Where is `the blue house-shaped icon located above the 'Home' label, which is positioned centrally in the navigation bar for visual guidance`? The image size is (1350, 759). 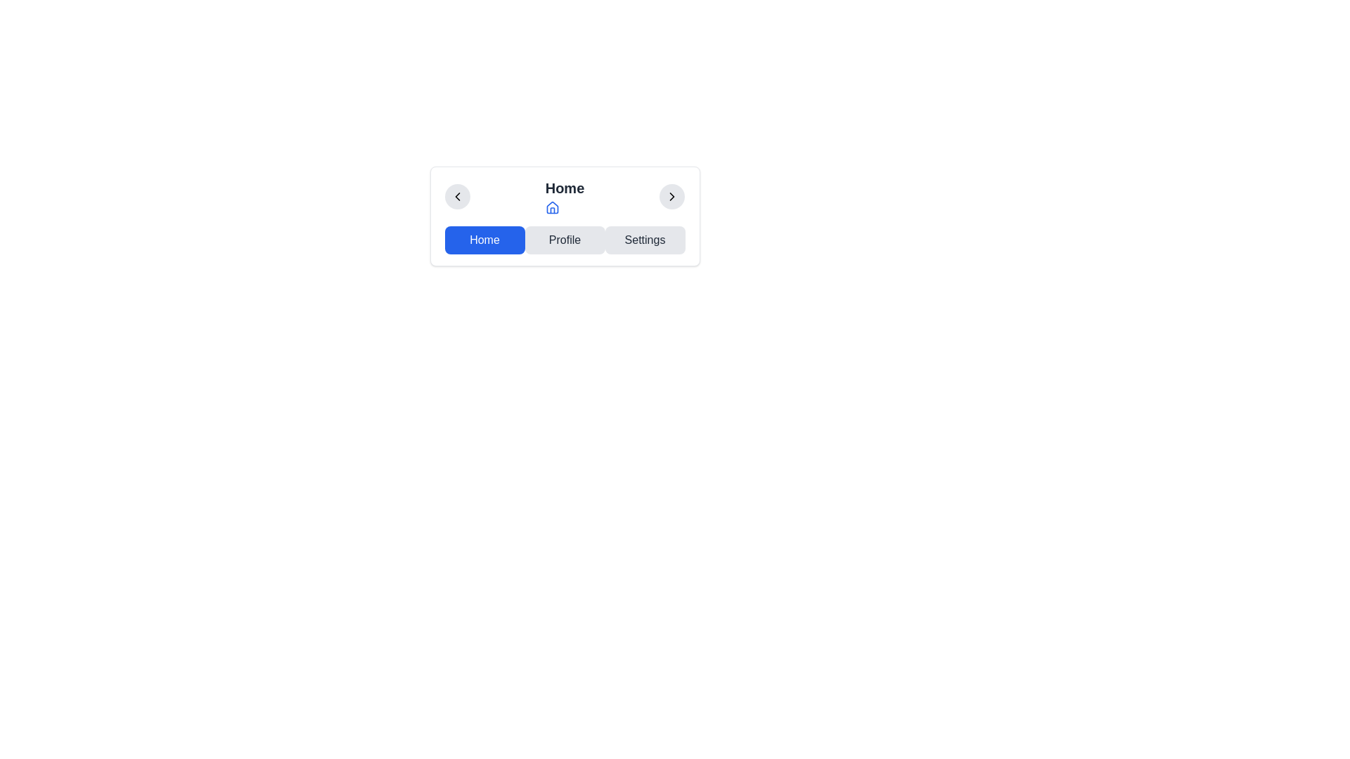 the blue house-shaped icon located above the 'Home' label, which is positioned centrally in the navigation bar for visual guidance is located at coordinates (551, 208).